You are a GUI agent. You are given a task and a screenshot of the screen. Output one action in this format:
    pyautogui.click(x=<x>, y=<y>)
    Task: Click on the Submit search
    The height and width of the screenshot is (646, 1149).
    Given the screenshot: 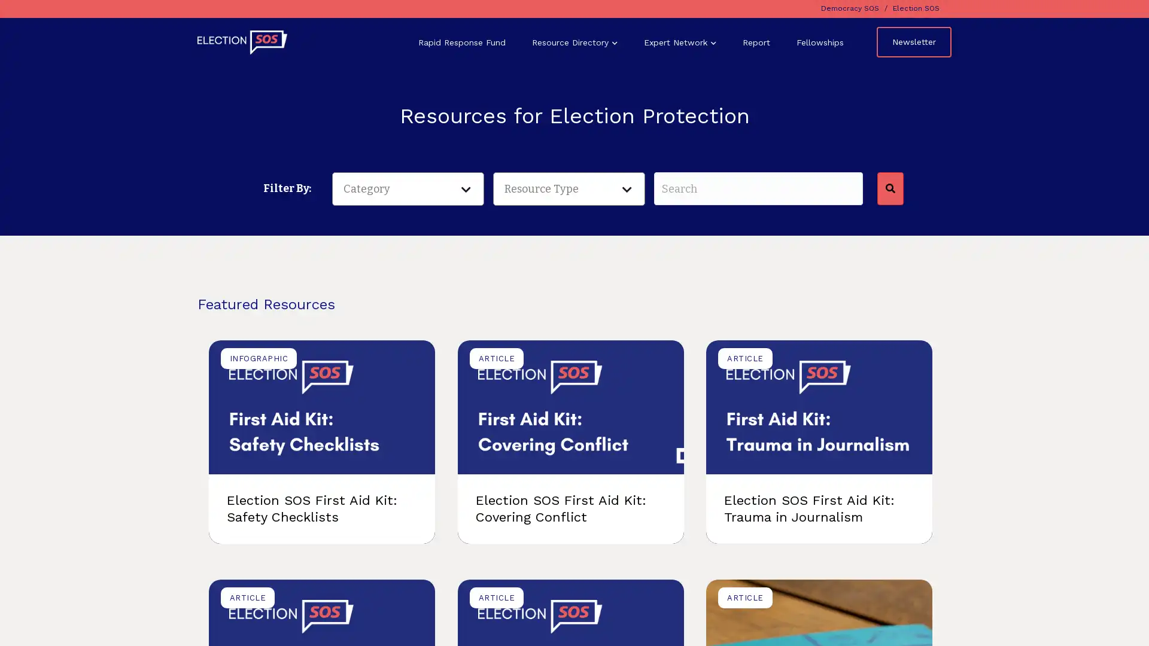 What is the action you would take?
    pyautogui.click(x=889, y=188)
    